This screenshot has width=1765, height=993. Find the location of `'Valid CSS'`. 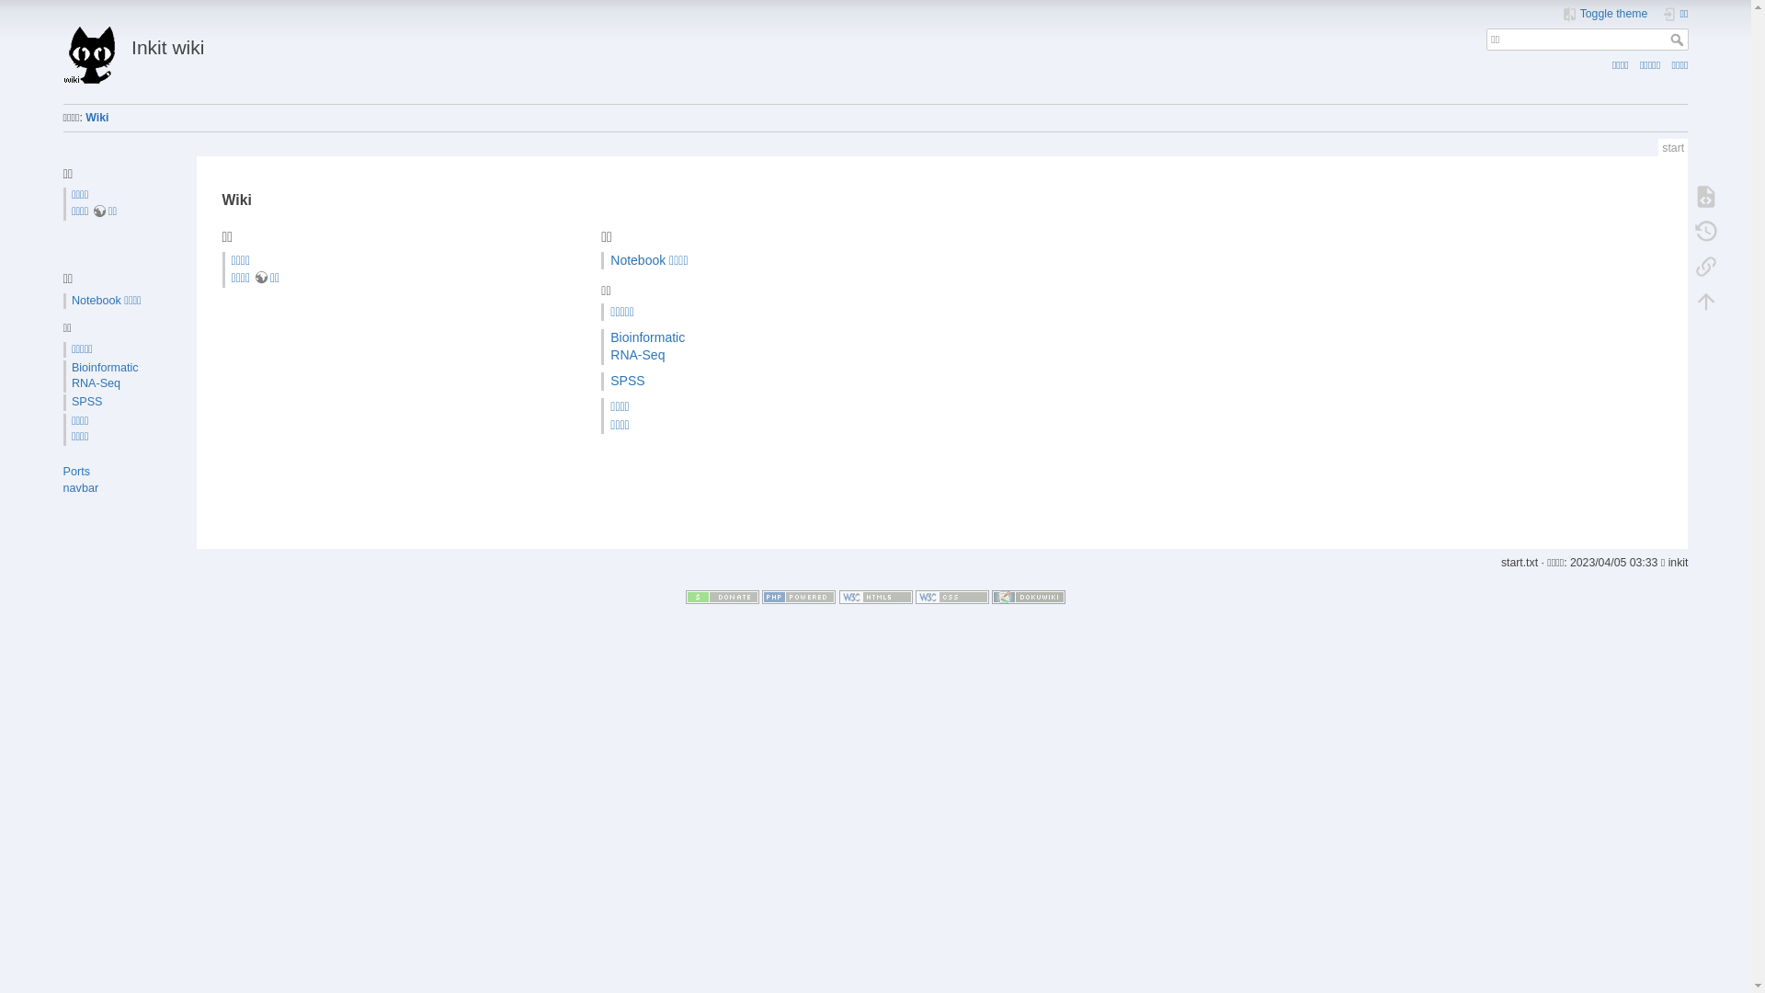

'Valid CSS' is located at coordinates (916, 596).